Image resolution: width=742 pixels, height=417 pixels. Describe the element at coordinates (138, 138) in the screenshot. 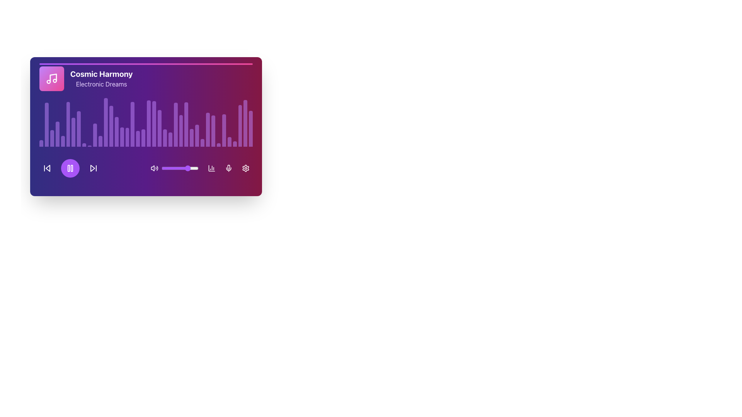

I see `the 19th translucent purple rectangular bar in the histogram sequence located below the text 'Cosmic Harmony' and 'Electronic Dreams'` at that location.